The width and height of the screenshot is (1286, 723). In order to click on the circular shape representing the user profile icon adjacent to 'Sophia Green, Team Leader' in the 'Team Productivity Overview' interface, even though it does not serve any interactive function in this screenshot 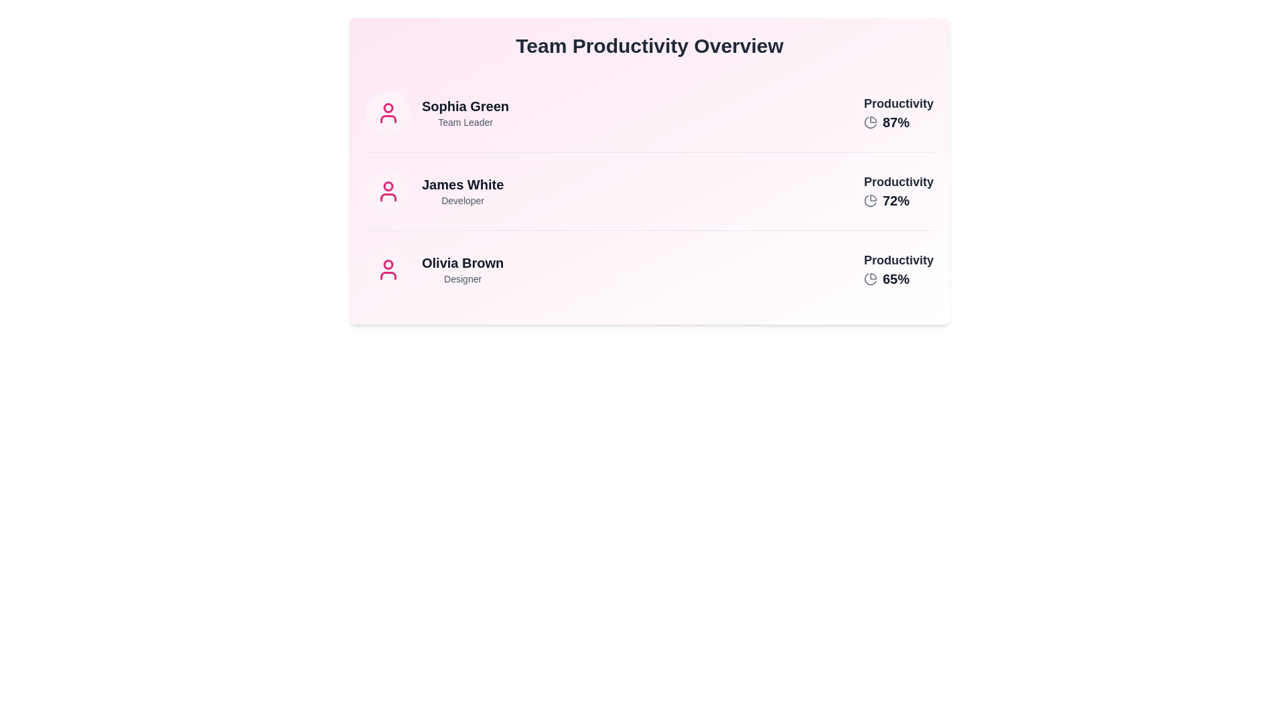, I will do `click(388, 107)`.